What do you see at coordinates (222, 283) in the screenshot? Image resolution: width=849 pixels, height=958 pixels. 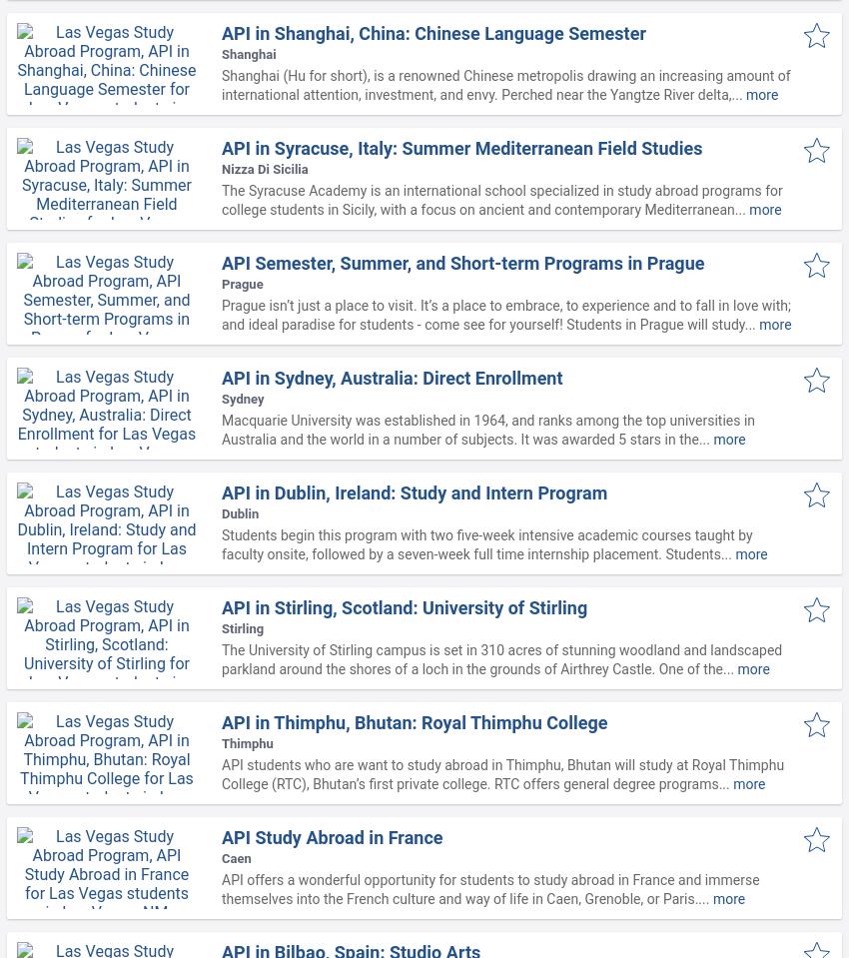 I see `'Prague'` at bounding box center [222, 283].